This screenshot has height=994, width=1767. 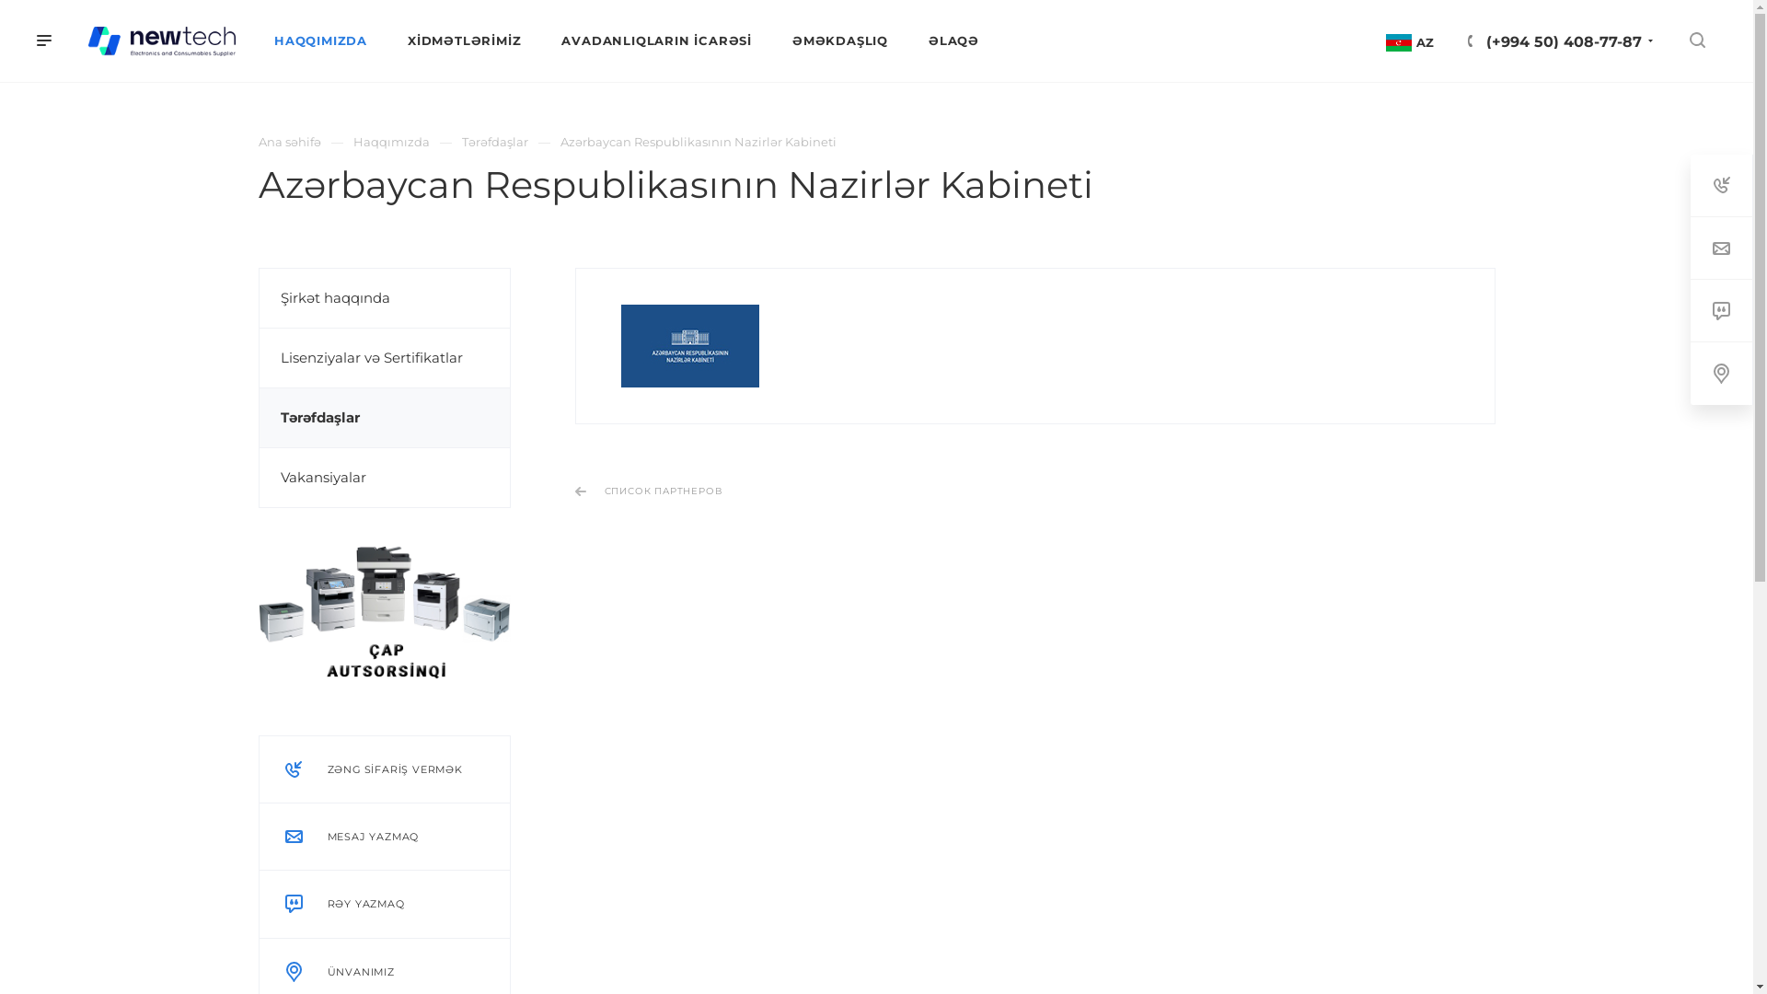 I want to click on '(+994 50) 408-77-87', so click(x=1563, y=41).